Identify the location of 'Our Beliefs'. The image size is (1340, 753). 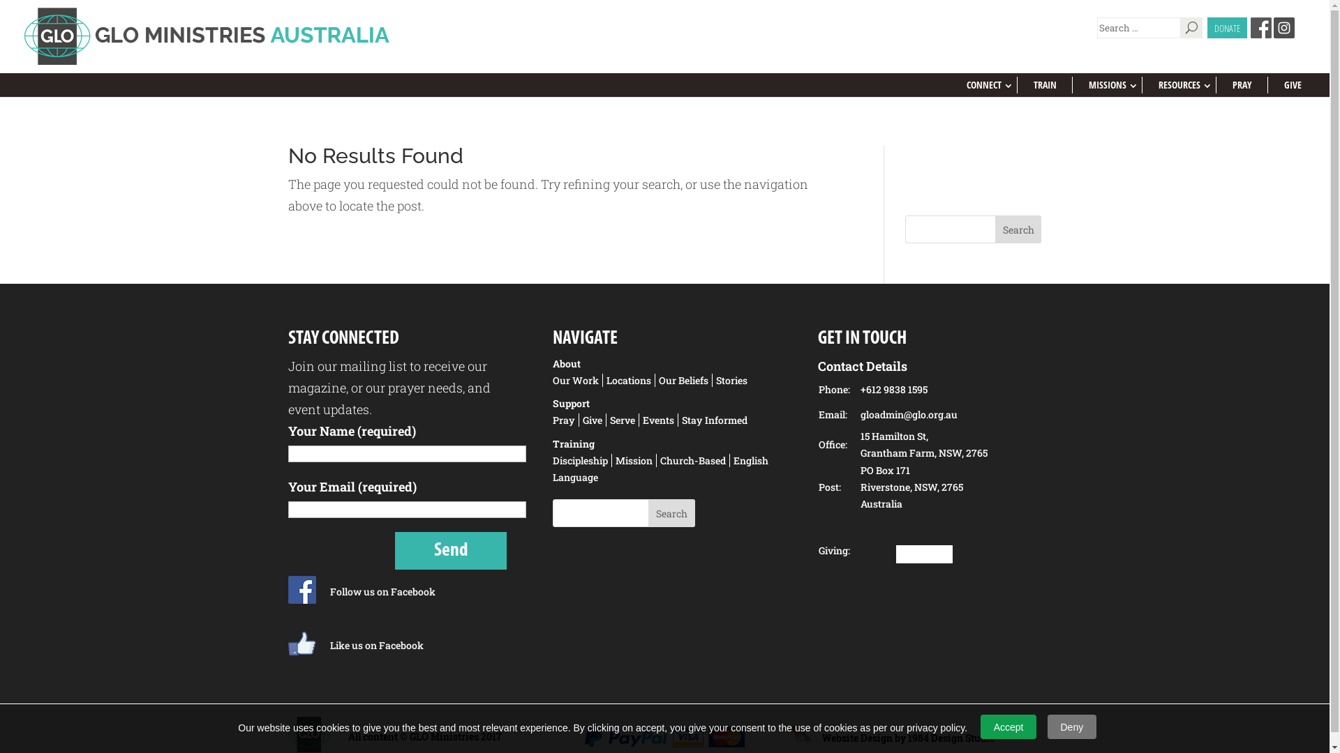
(683, 380).